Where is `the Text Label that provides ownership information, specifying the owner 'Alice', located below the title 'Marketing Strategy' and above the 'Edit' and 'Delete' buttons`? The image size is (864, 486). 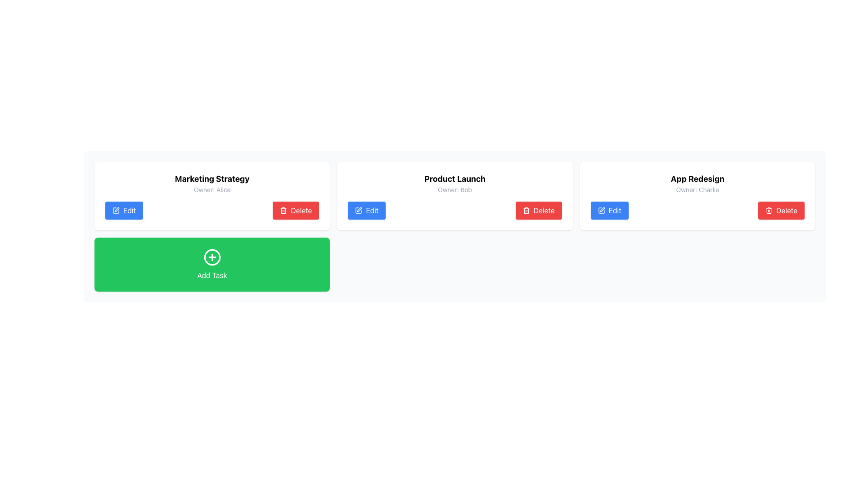 the Text Label that provides ownership information, specifying the owner 'Alice', located below the title 'Marketing Strategy' and above the 'Edit' and 'Delete' buttons is located at coordinates (211, 189).